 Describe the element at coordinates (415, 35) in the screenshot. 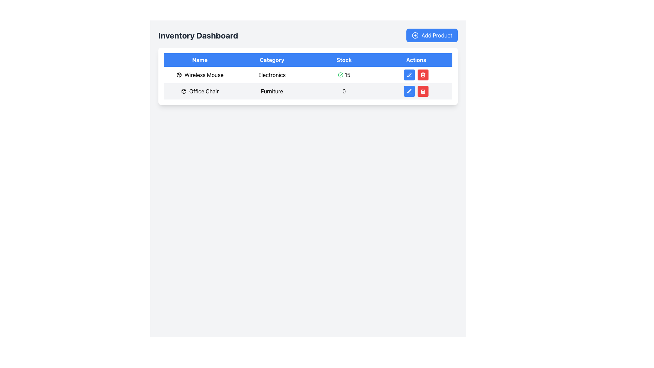

I see `the circular outline of the '+' icon located inside the 'Add Product' button` at that location.